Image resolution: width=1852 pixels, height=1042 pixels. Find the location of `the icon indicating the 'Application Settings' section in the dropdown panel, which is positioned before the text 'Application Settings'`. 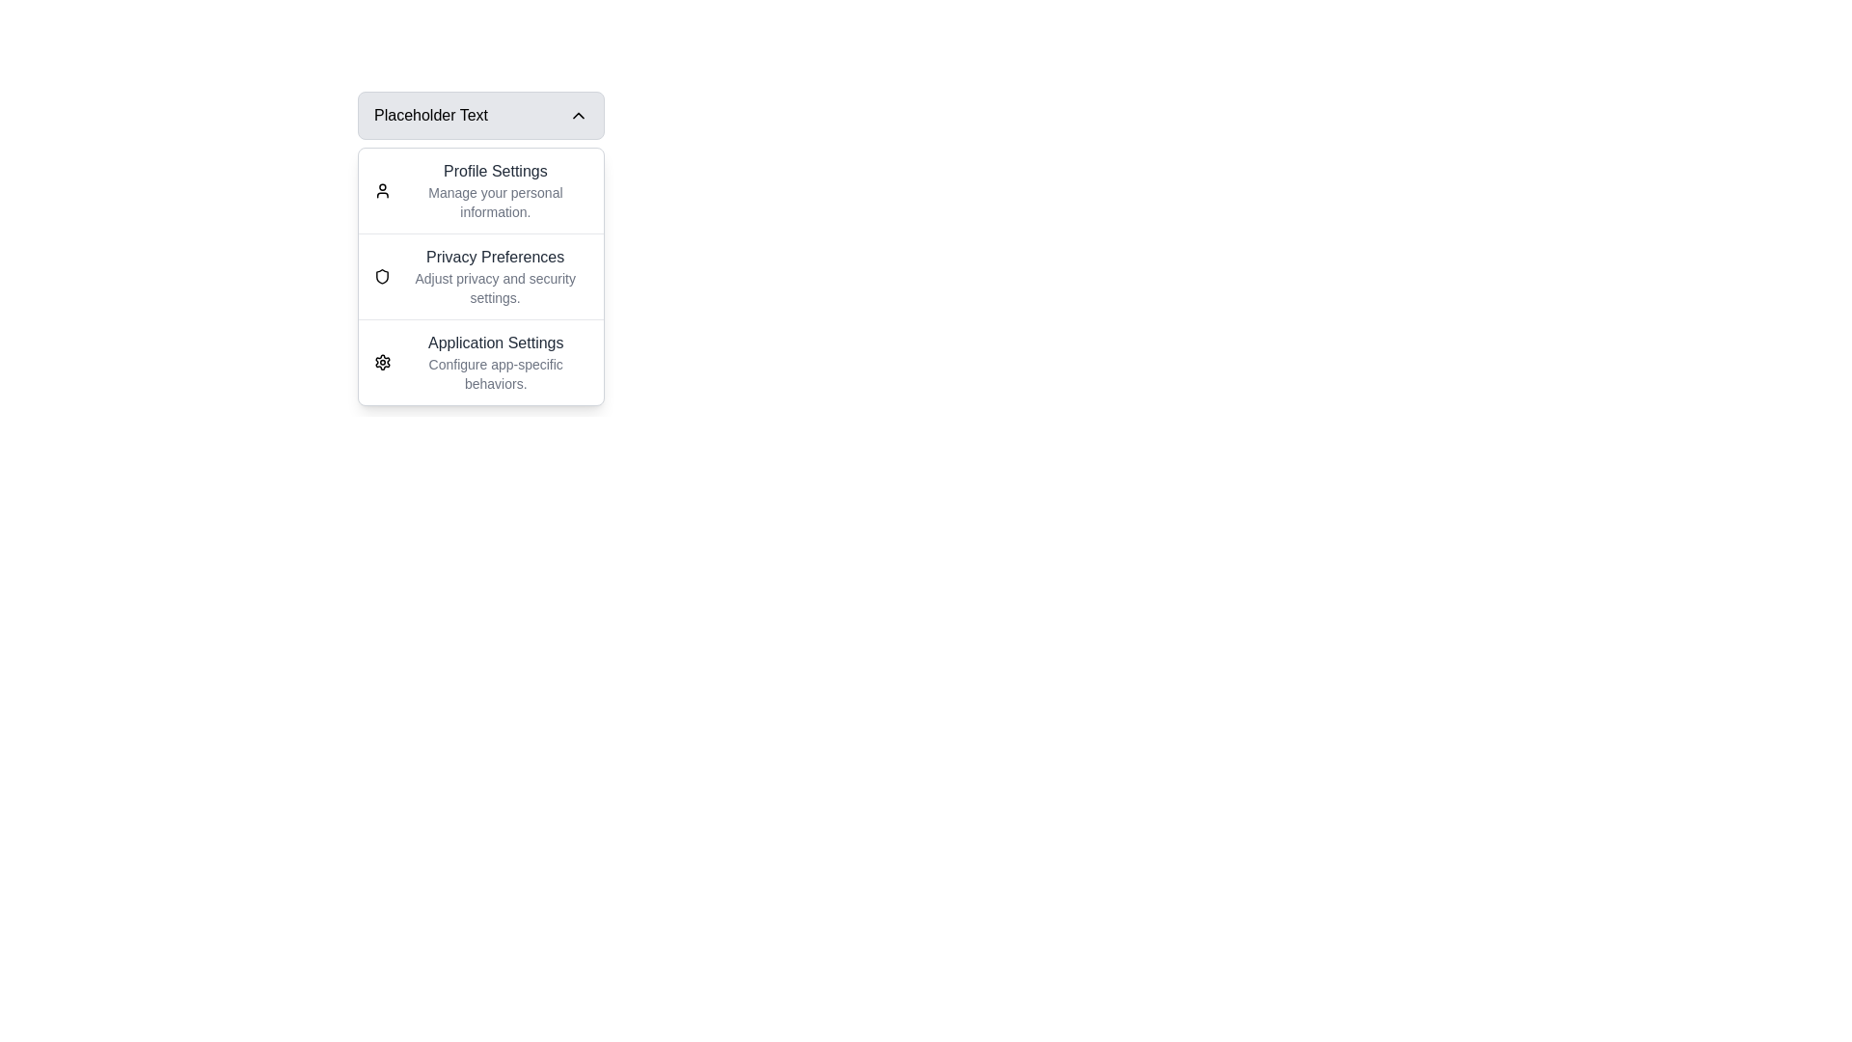

the icon indicating the 'Application Settings' section in the dropdown panel, which is positioned before the text 'Application Settings' is located at coordinates (383, 362).